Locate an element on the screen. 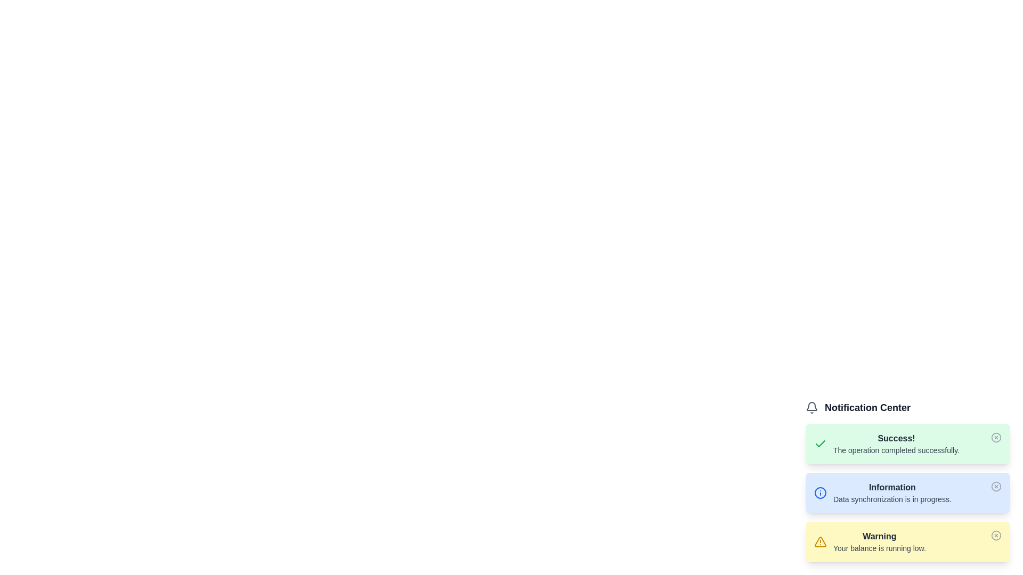 The image size is (1023, 575). warning notification which is the third notification card in the Notification Center, featuring a light yellow background, a warning icon, and a title that reads 'Warning' is located at coordinates (907, 542).